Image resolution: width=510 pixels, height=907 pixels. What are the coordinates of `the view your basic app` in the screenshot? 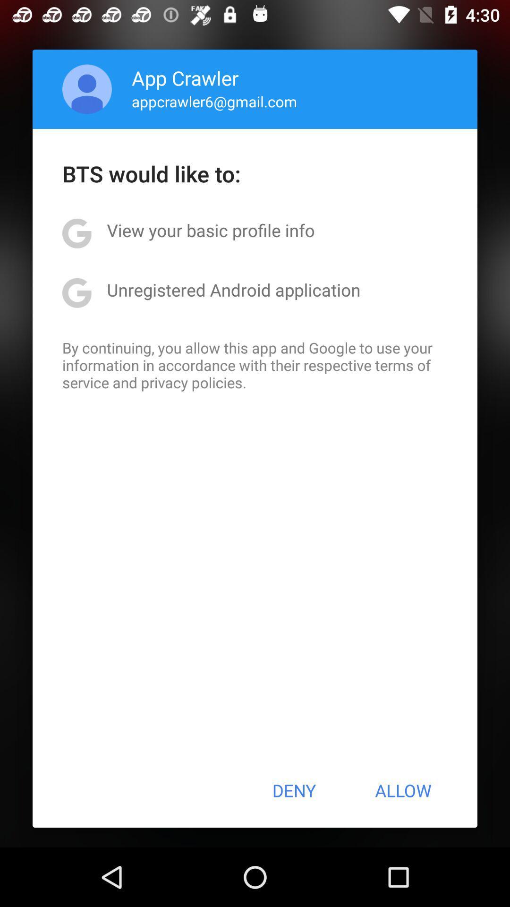 It's located at (210, 230).